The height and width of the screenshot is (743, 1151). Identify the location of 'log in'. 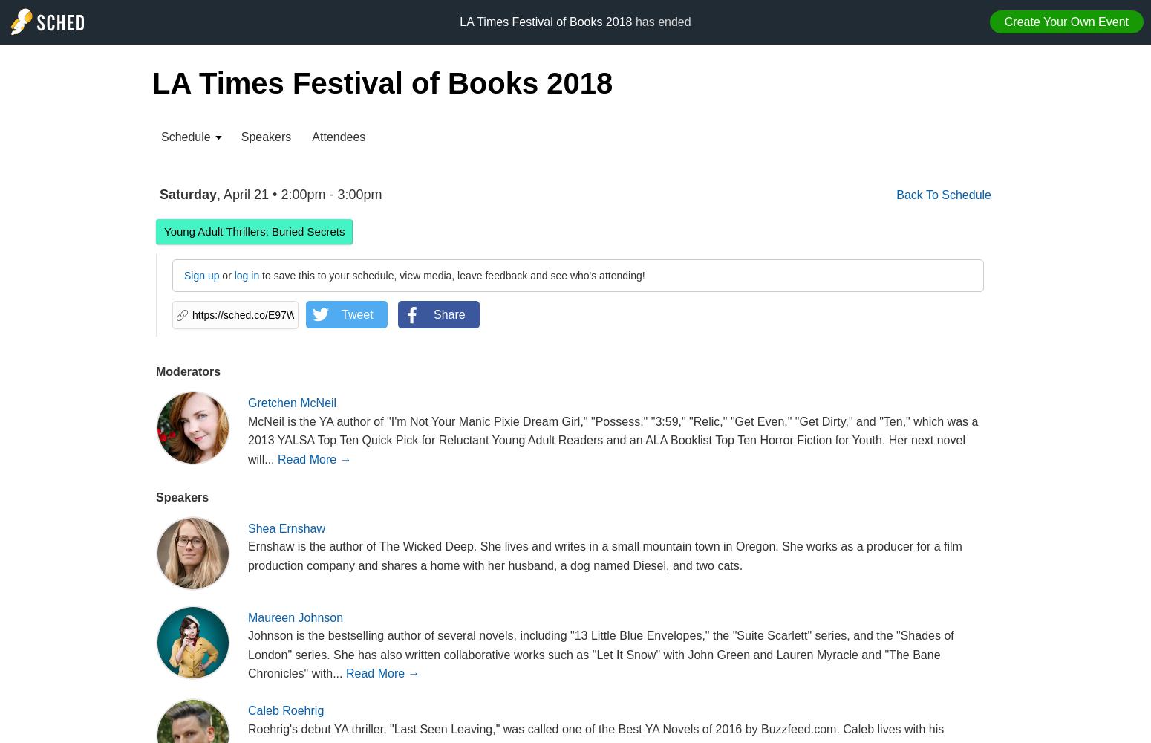
(246, 275).